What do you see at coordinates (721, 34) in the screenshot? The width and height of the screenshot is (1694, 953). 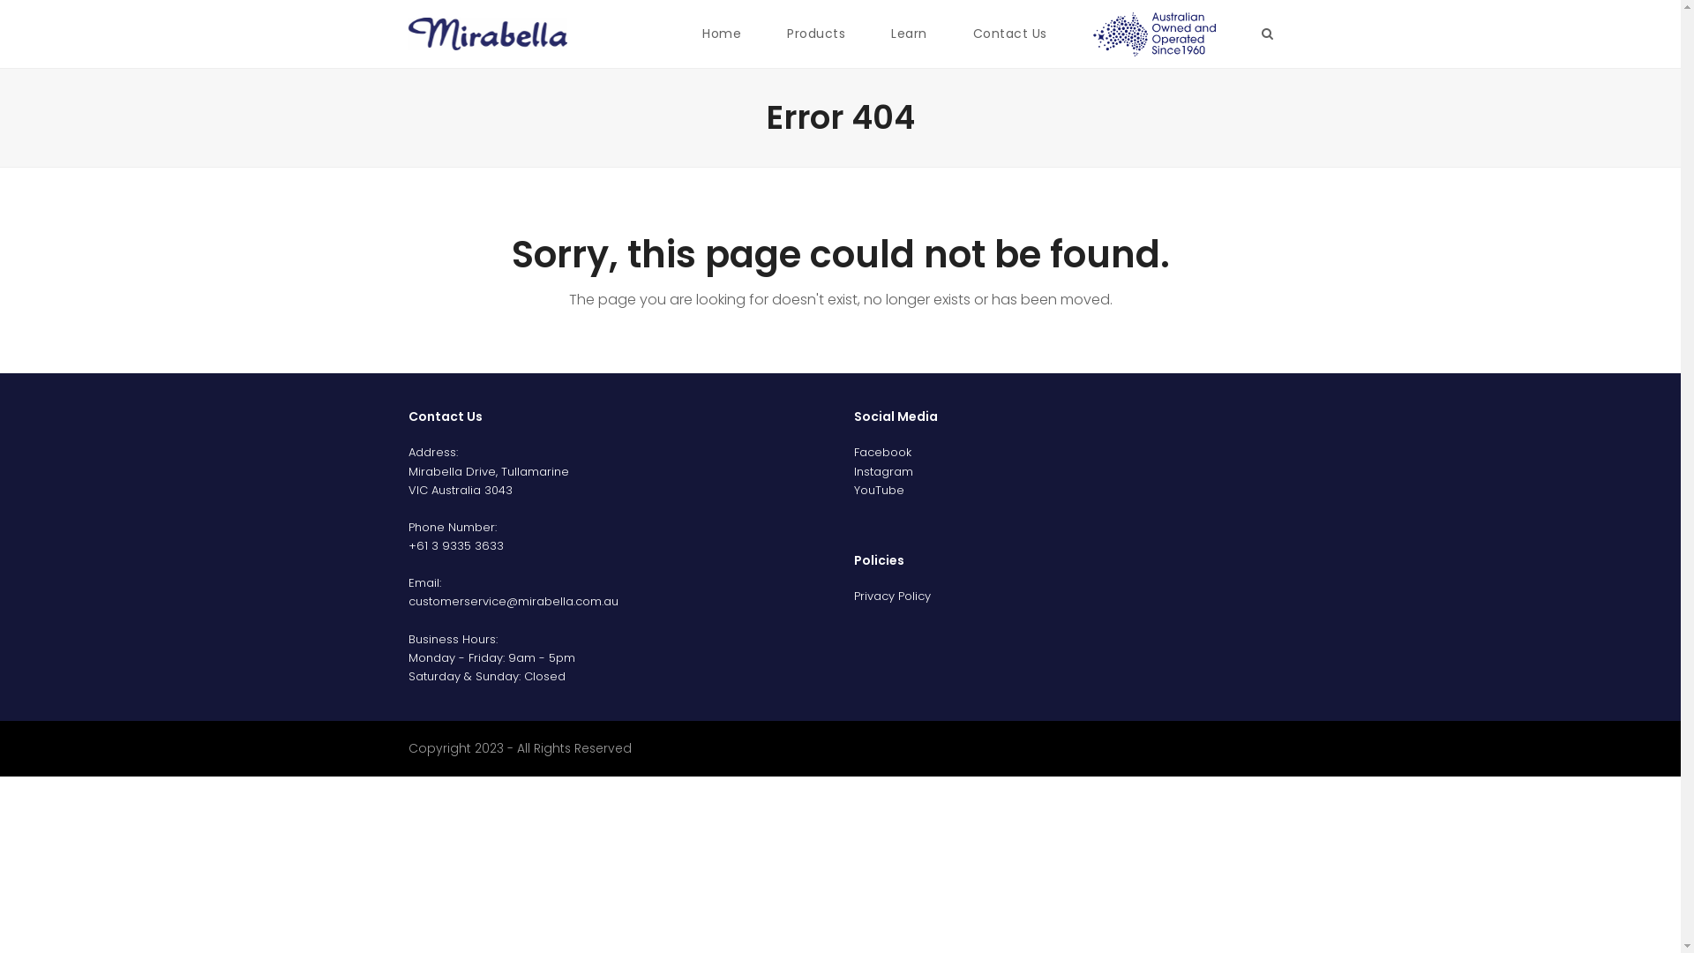 I see `'Home'` at bounding box center [721, 34].